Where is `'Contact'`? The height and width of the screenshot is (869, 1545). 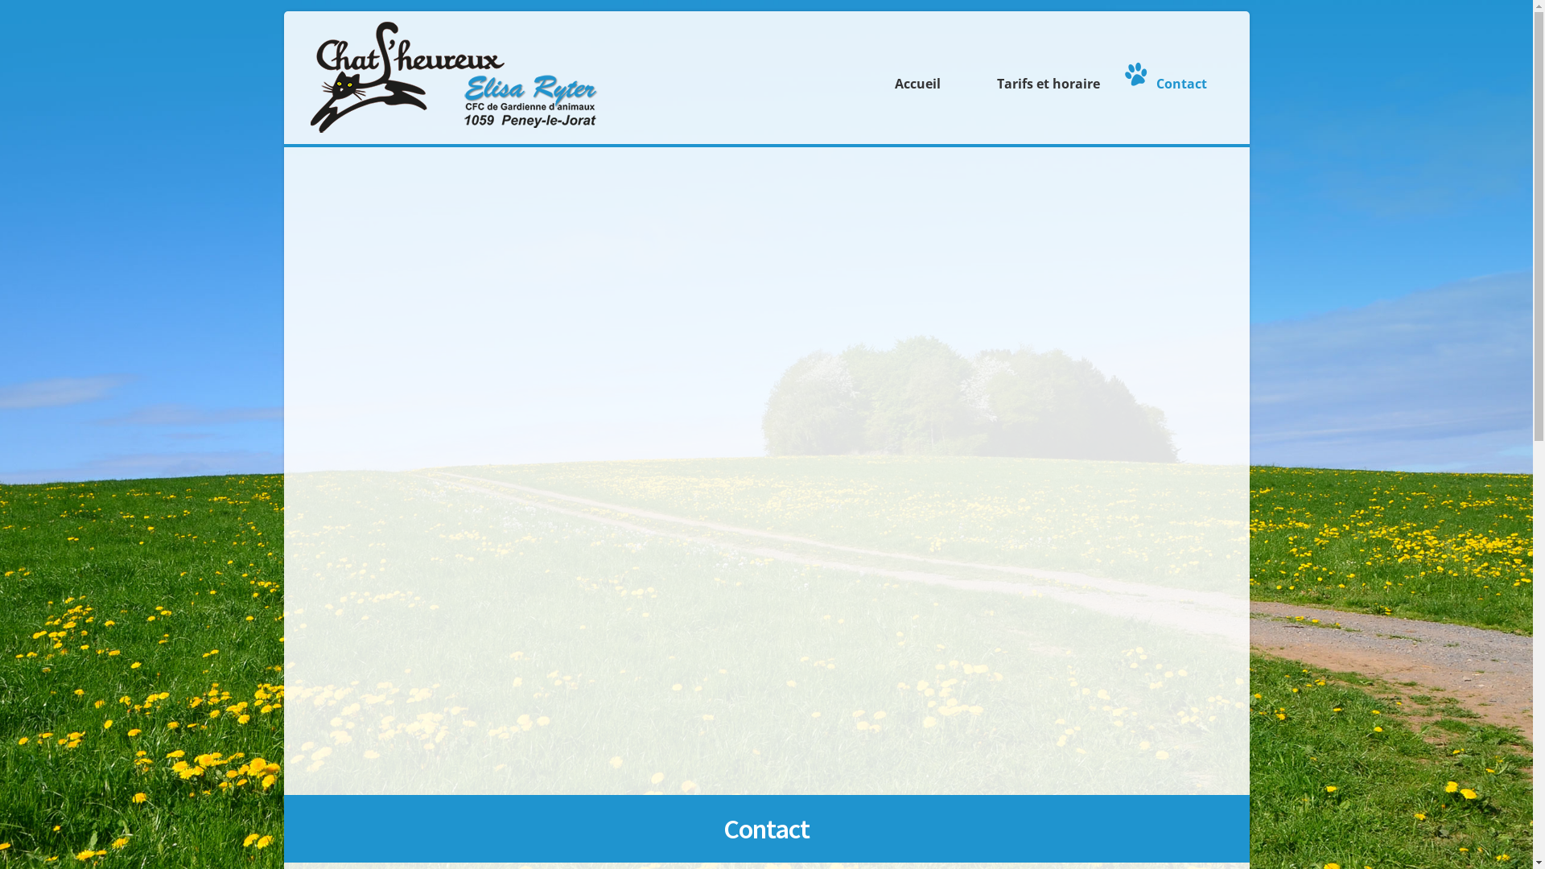 'Contact' is located at coordinates (1176, 74).